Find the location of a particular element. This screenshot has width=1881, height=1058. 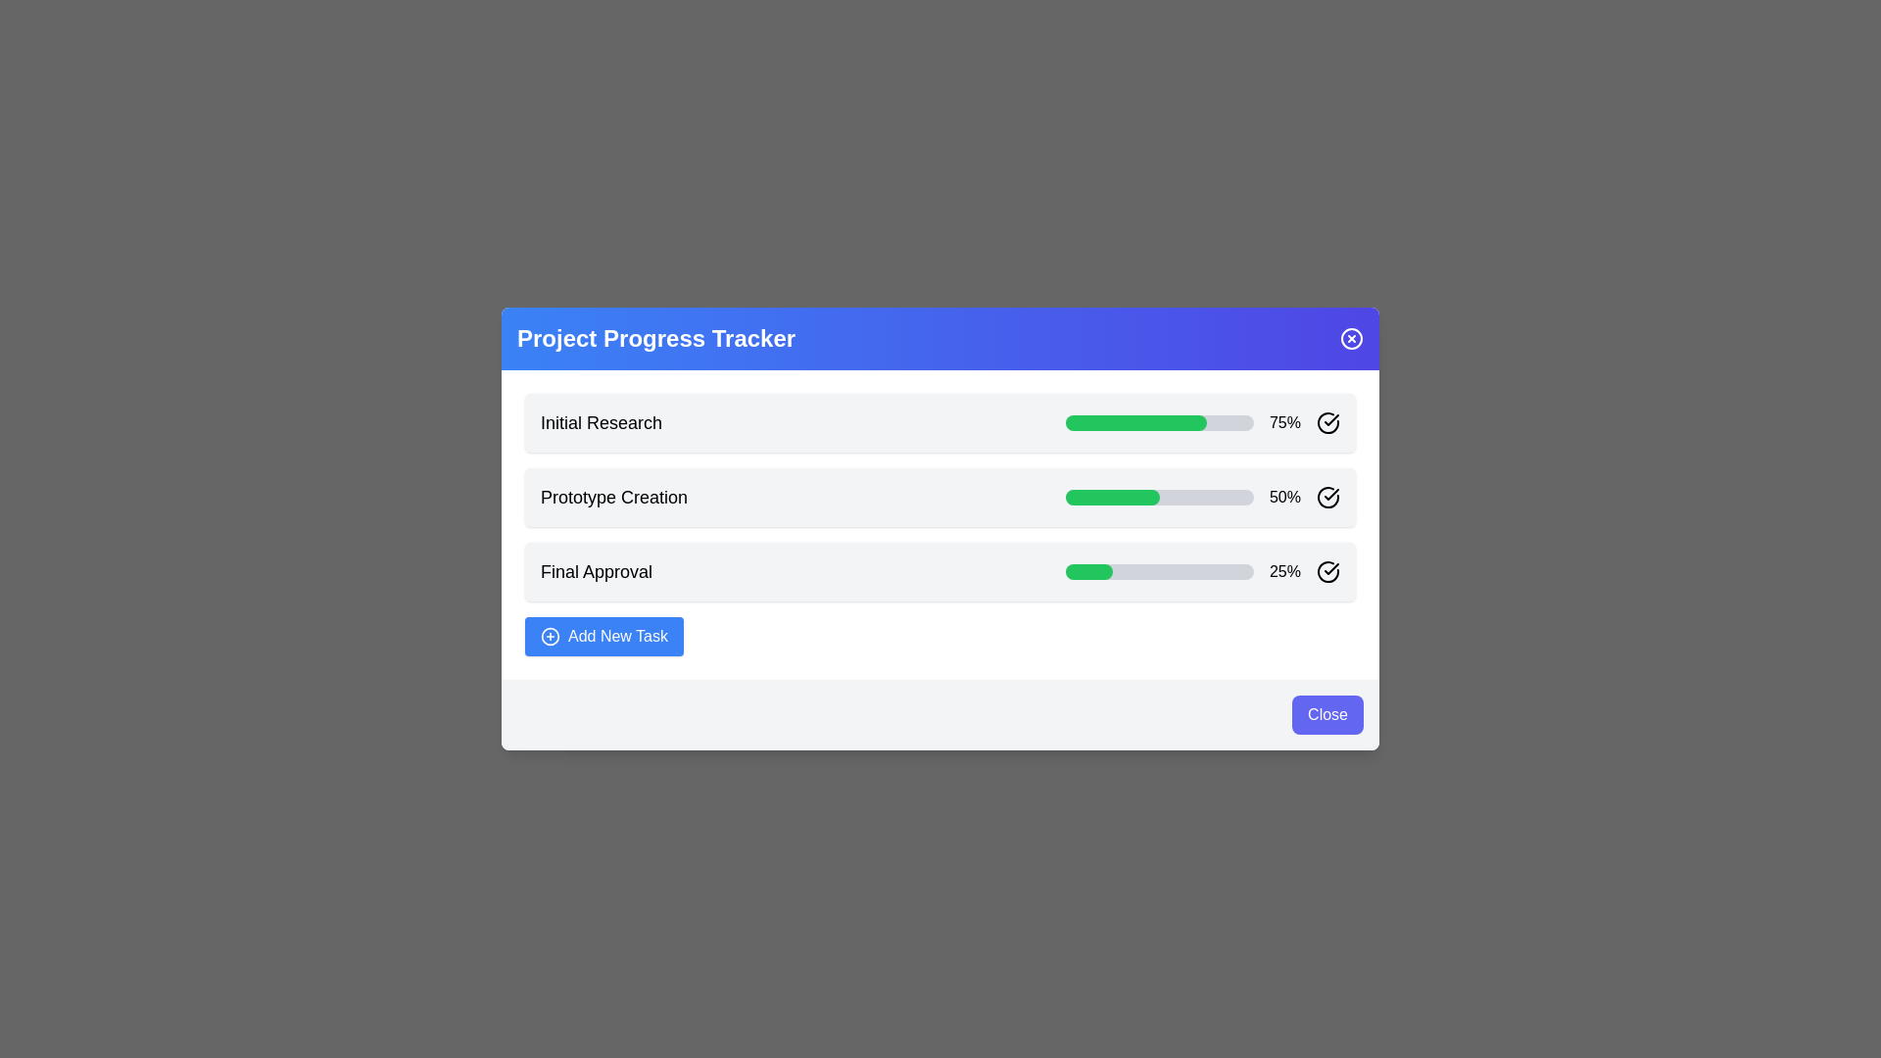

the close button located at the top-right corner of the 'Project Progress Tracker' header is located at coordinates (1351, 338).